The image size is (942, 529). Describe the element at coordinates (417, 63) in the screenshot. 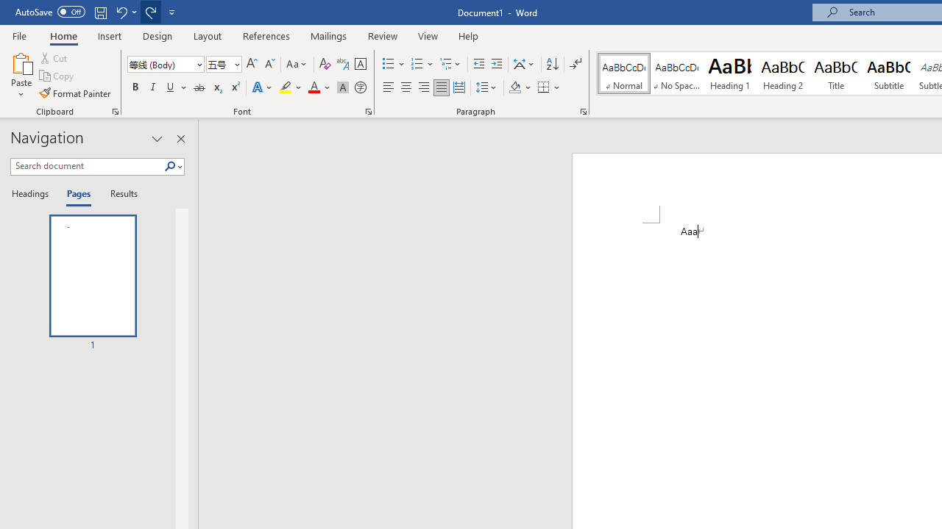

I see `'Numbering'` at that location.